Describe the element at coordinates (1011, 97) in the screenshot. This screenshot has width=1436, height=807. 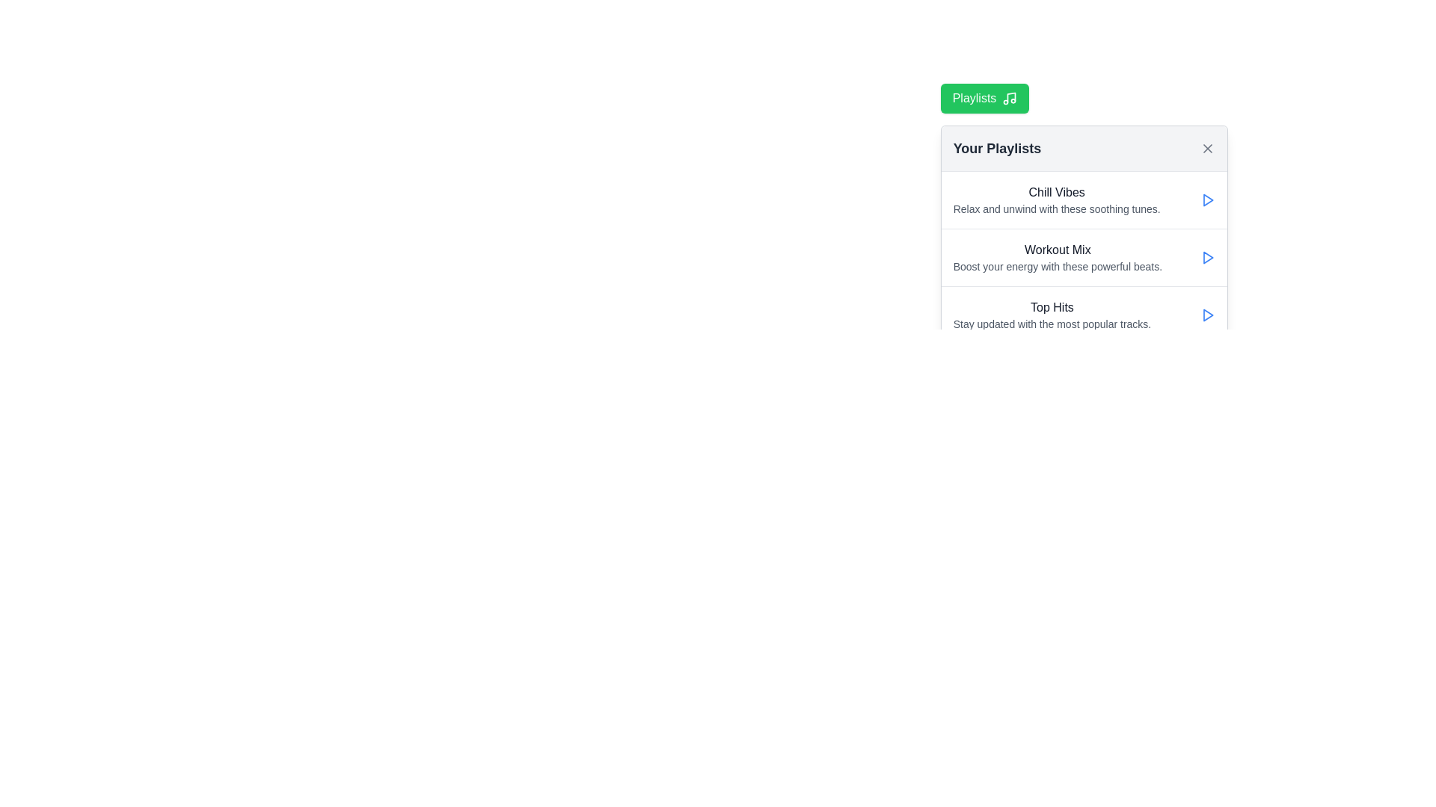
I see `the musical note icon located inside the green 'Playlists' button in the top-left corner of the interface` at that location.